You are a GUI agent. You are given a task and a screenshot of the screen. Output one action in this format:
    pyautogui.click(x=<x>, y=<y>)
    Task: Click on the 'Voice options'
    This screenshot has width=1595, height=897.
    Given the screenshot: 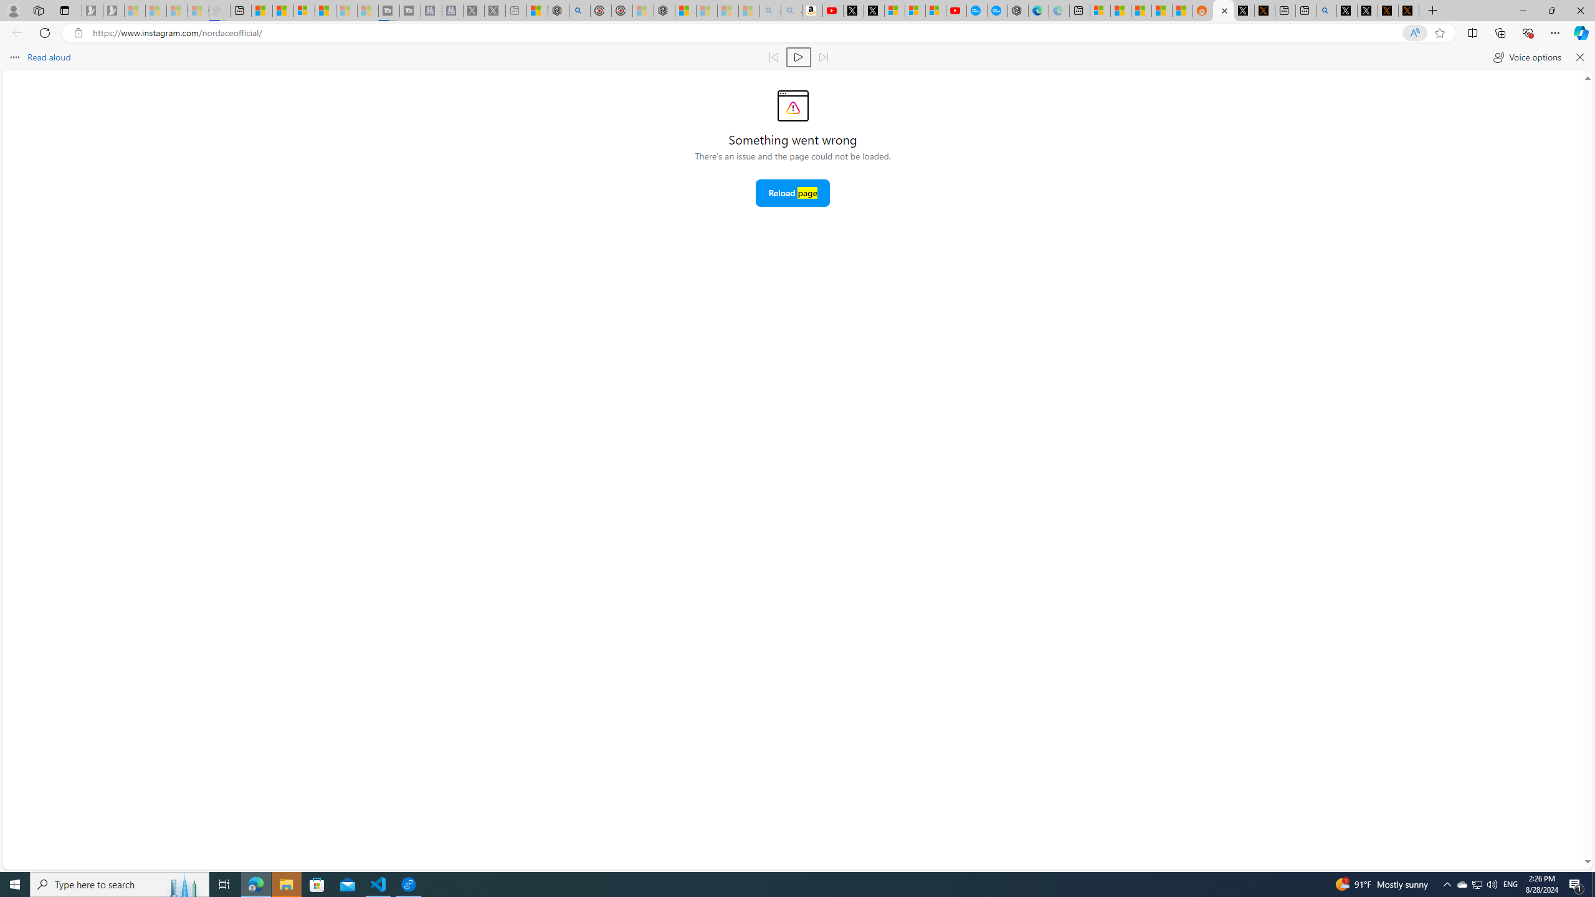 What is the action you would take?
    pyautogui.click(x=1526, y=57)
    